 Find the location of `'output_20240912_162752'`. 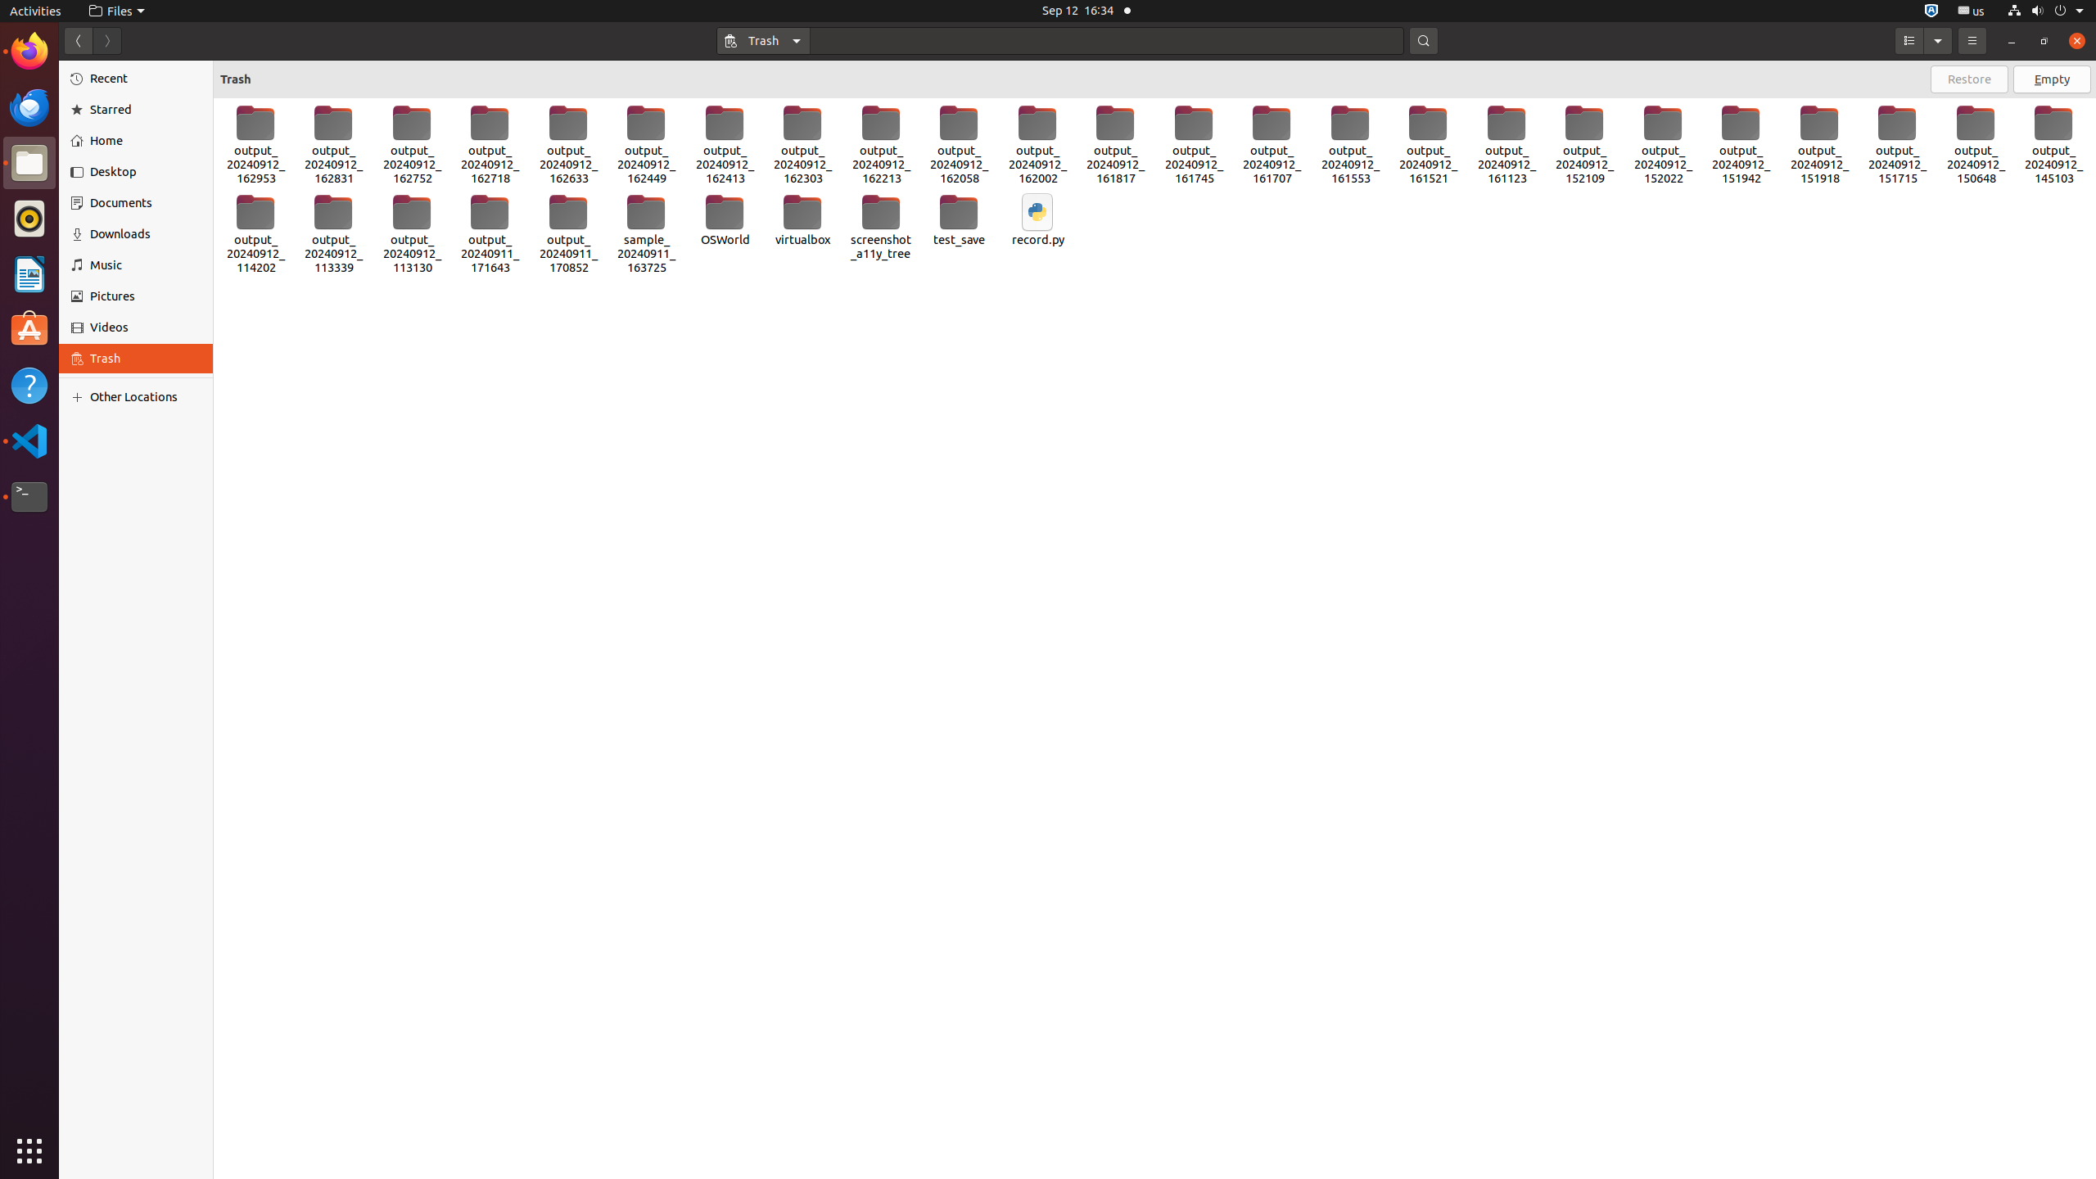

'output_20240912_162752' is located at coordinates (411, 144).